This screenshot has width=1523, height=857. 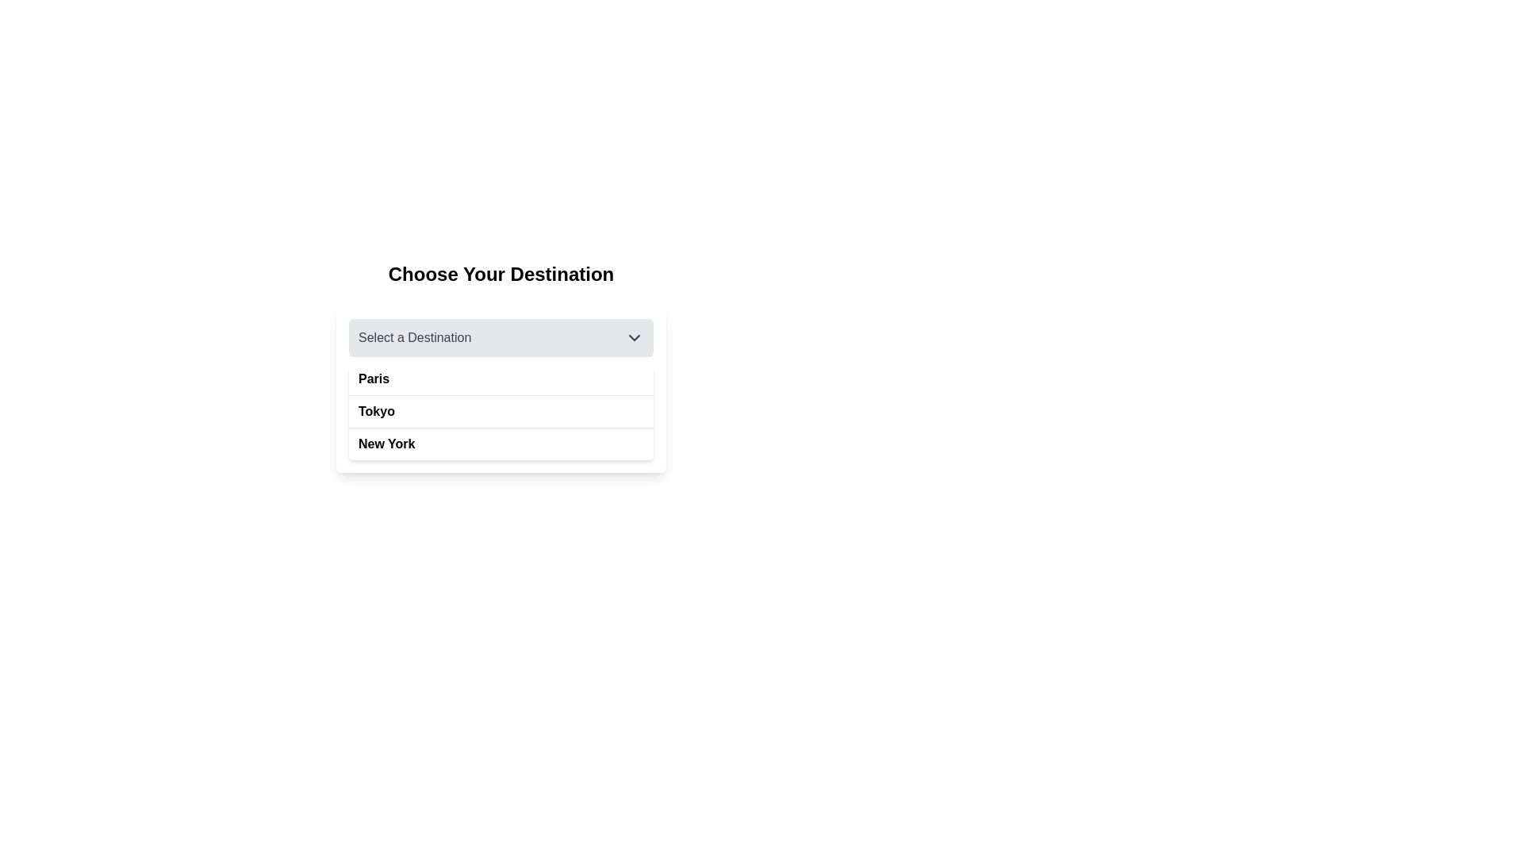 I want to click on the text label displaying 'Paris' in bold within the dropdown menu under 'Choose Your Destination', so click(x=373, y=379).